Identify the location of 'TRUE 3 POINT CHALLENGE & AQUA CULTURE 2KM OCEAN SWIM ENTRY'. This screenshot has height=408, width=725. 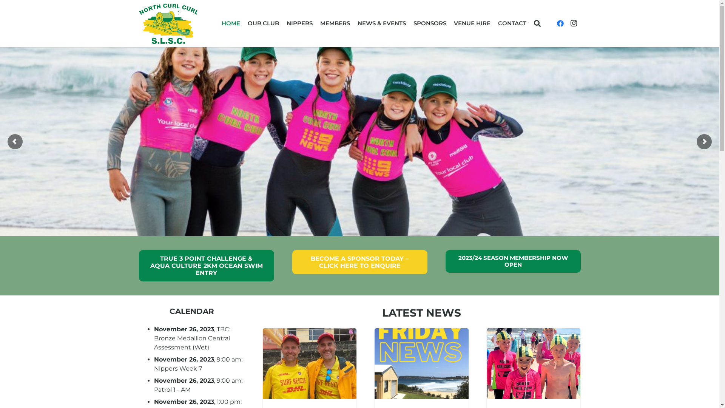
(207, 265).